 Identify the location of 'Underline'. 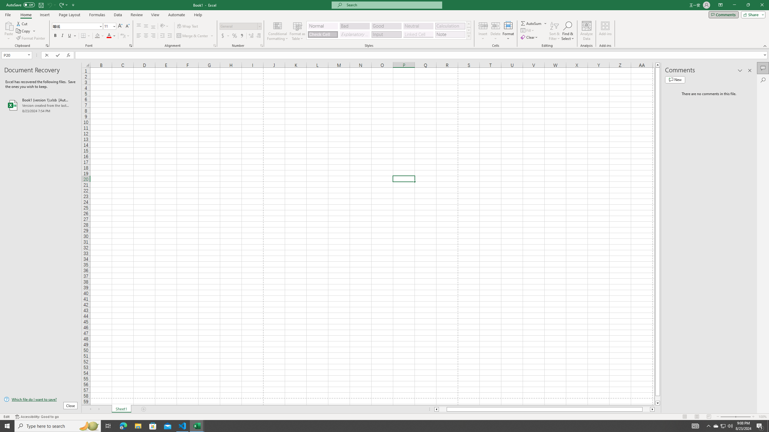
(69, 35).